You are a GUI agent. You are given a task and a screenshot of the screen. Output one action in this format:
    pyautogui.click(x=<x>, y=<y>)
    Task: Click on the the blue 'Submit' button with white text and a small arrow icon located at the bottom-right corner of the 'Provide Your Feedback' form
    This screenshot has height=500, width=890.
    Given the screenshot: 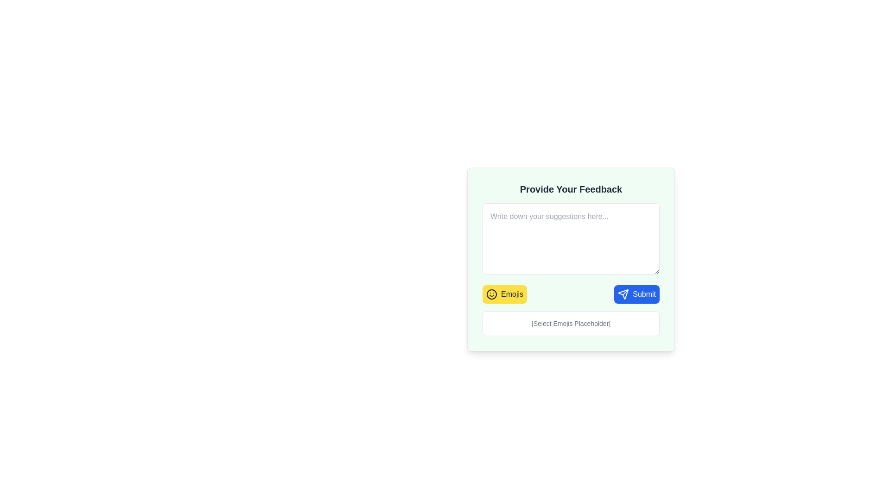 What is the action you would take?
    pyautogui.click(x=636, y=294)
    